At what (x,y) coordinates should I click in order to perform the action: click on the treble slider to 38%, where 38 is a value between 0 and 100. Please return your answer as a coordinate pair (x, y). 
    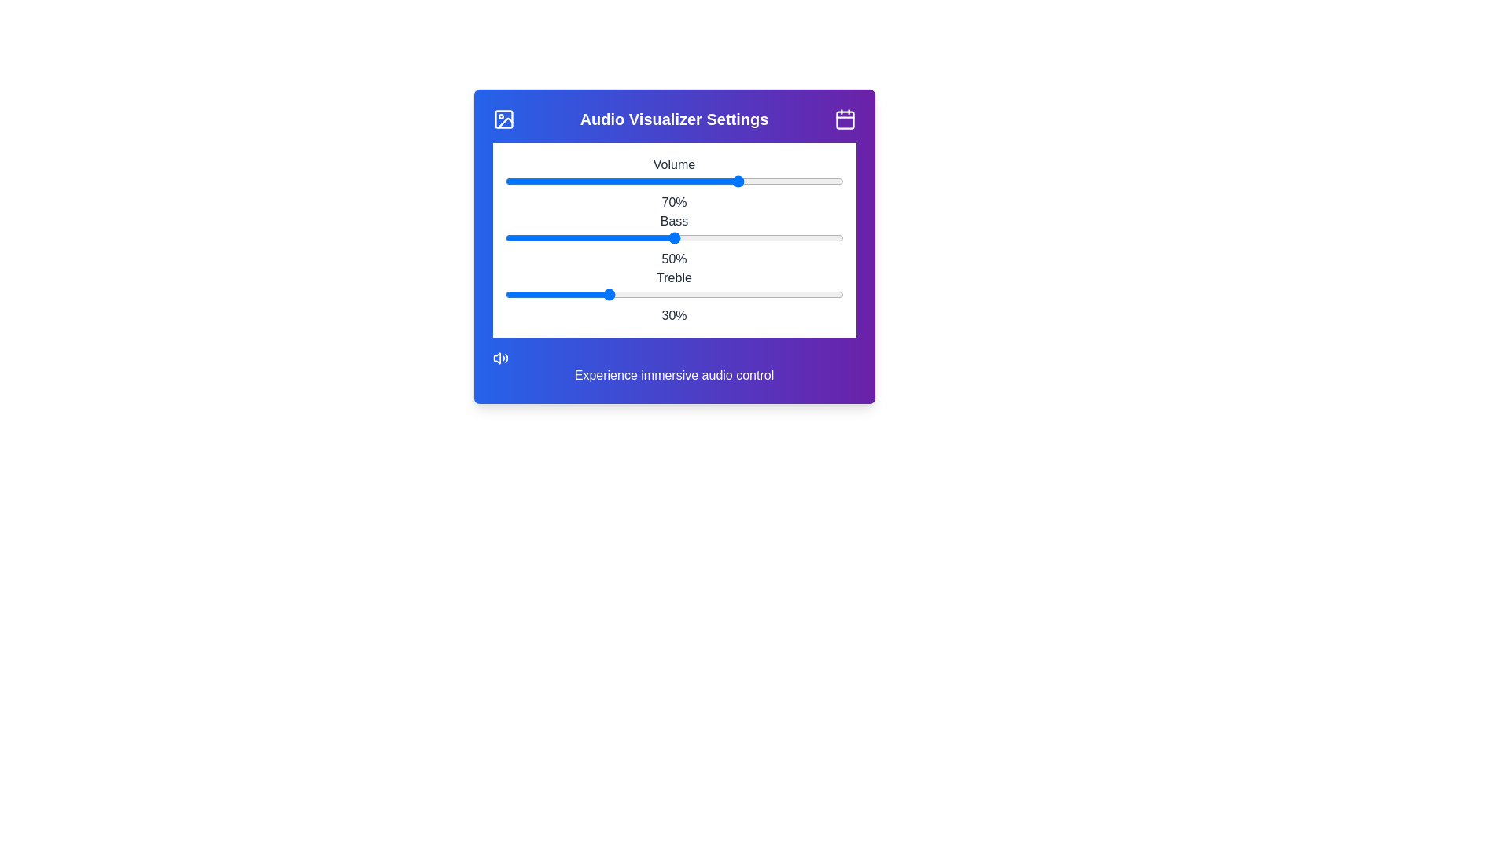
    Looking at the image, I should click on (633, 294).